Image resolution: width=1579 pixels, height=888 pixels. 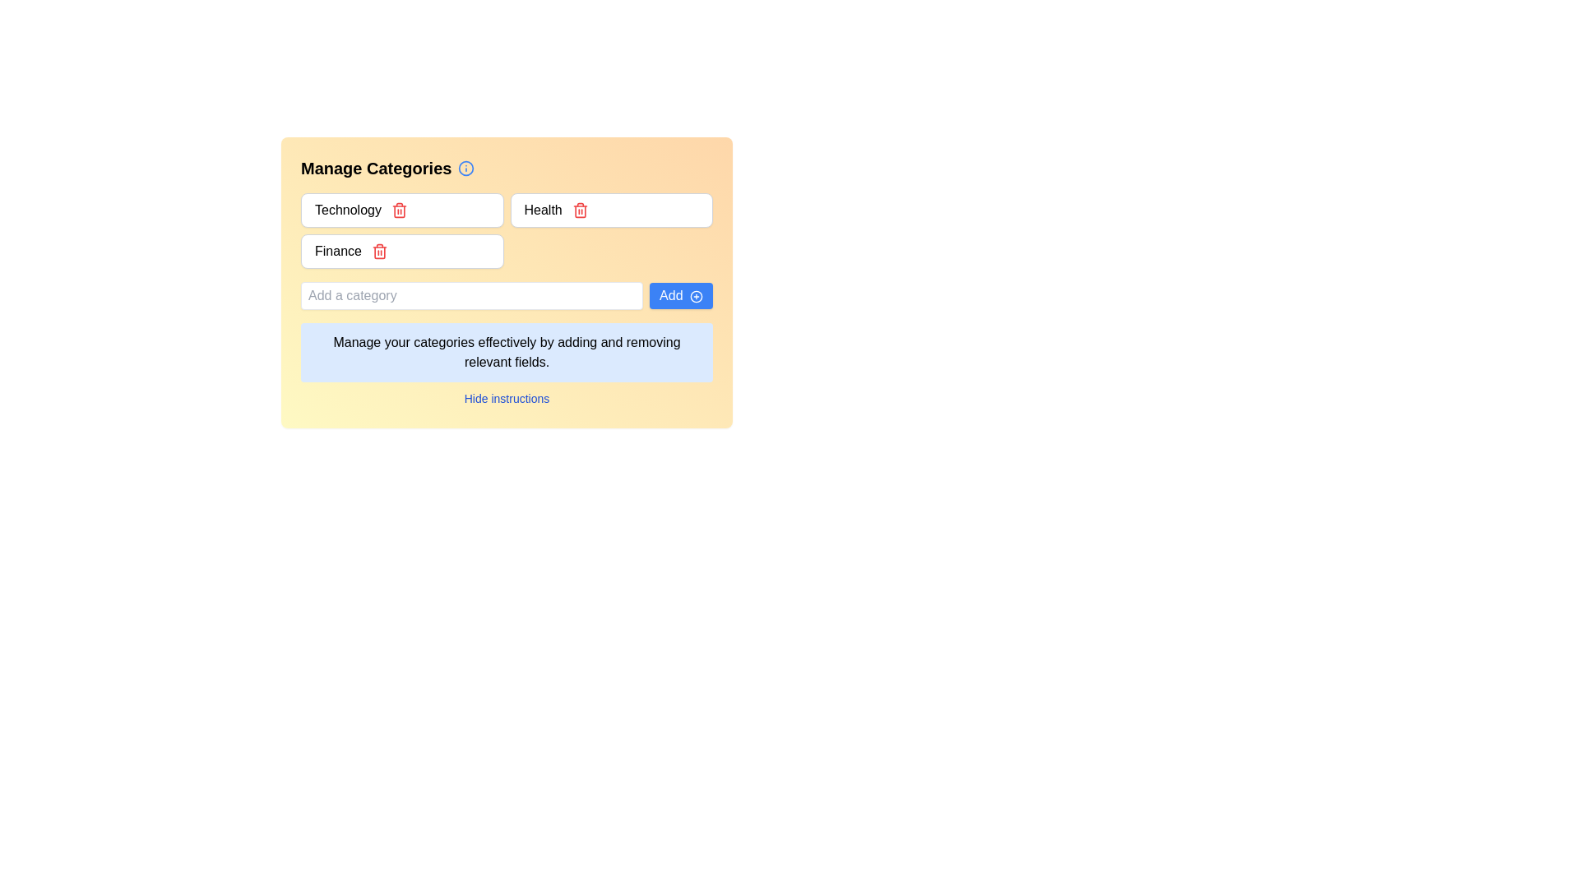 What do you see at coordinates (696, 294) in the screenshot?
I see `the small circular plus icon with a white stroke encased in a circle on a blue background, located to the right of the 'Add' button` at bounding box center [696, 294].